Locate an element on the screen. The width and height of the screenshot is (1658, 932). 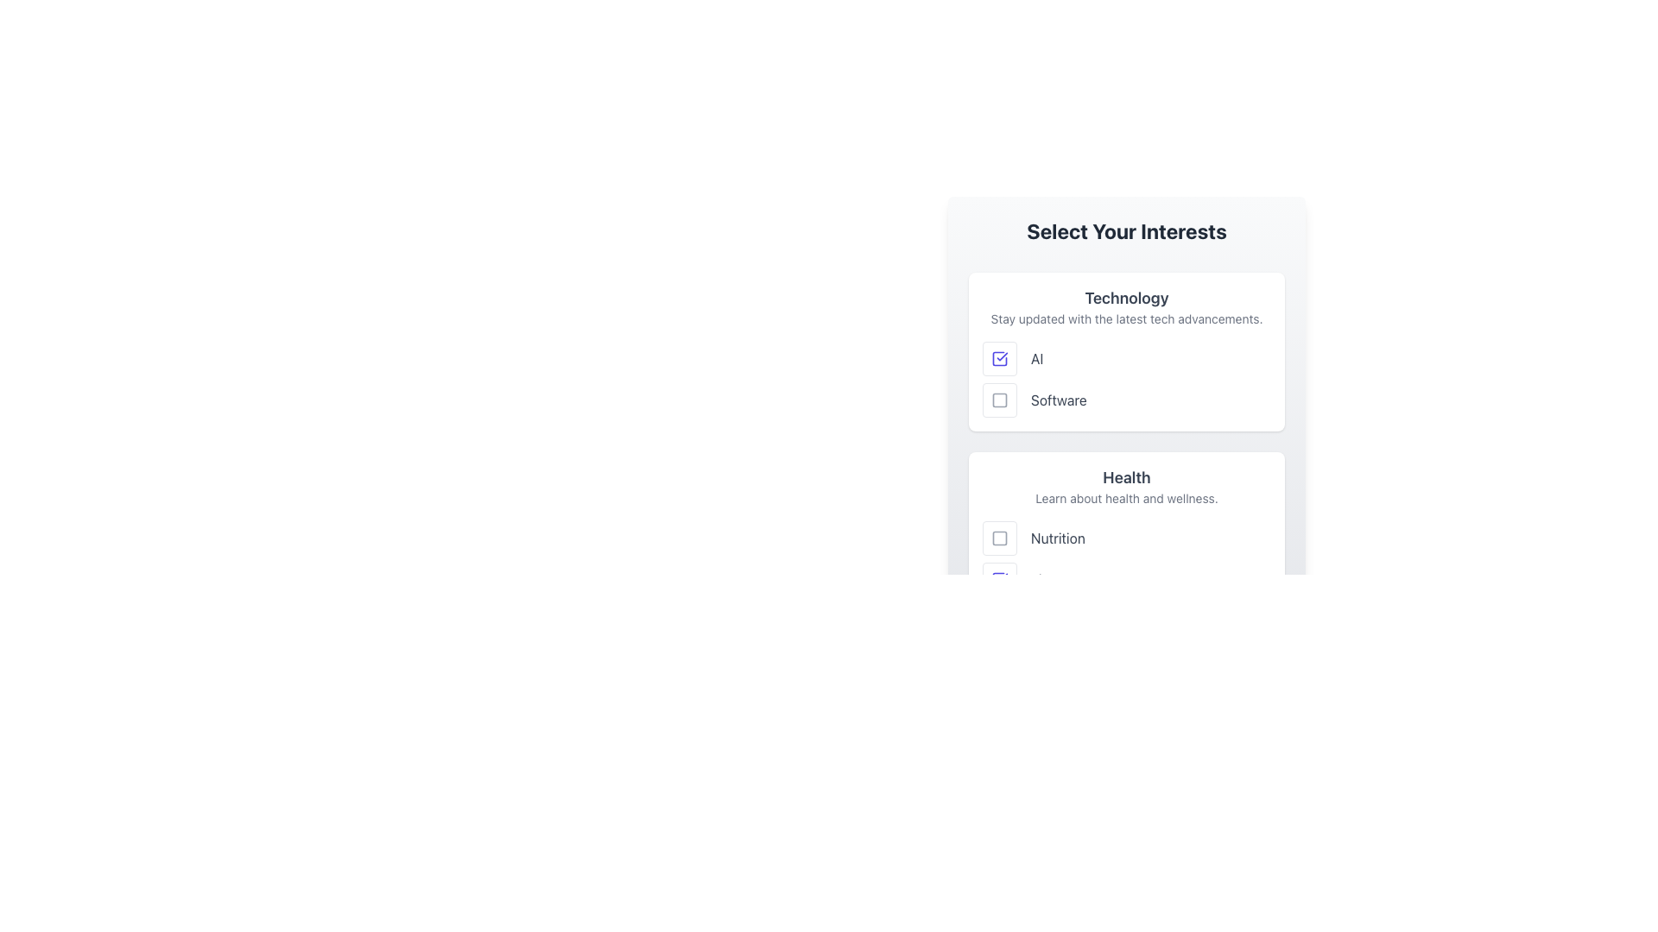
the empty checkbox indicator within the 'Software' checkbox under the 'Technology' section is located at coordinates (999, 400).